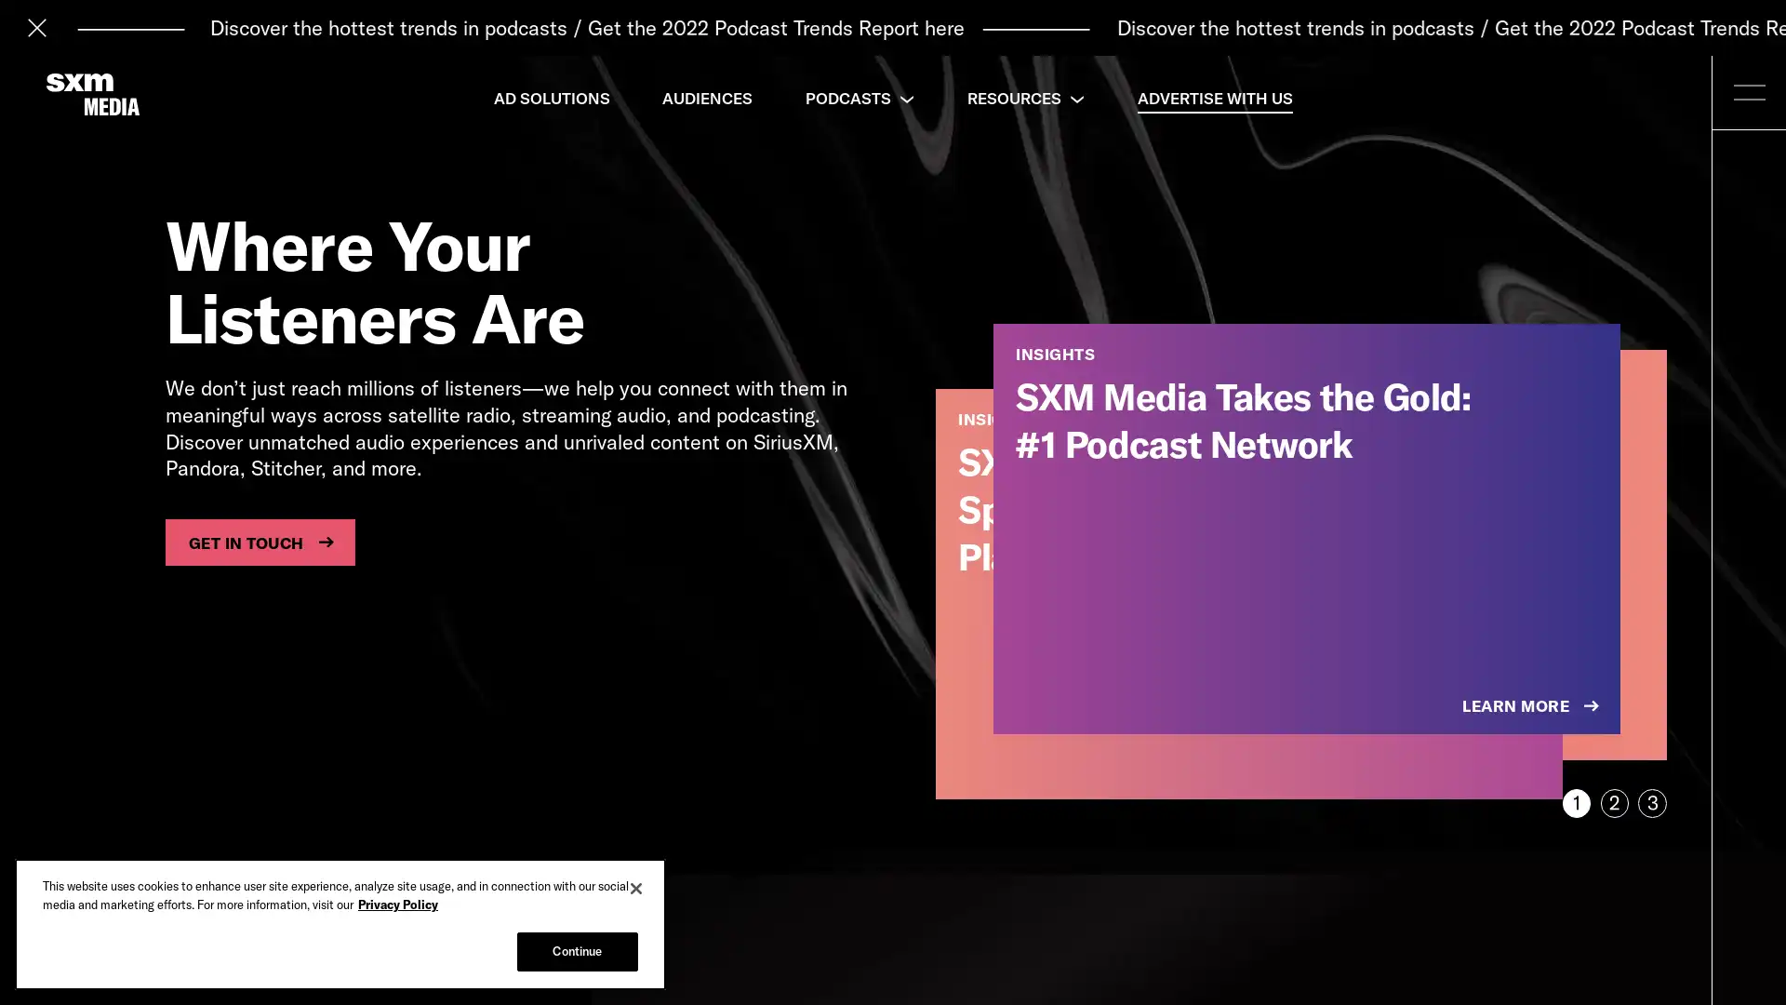 This screenshot has height=1005, width=1786. Describe the element at coordinates (1575, 802) in the screenshot. I see `1` at that location.